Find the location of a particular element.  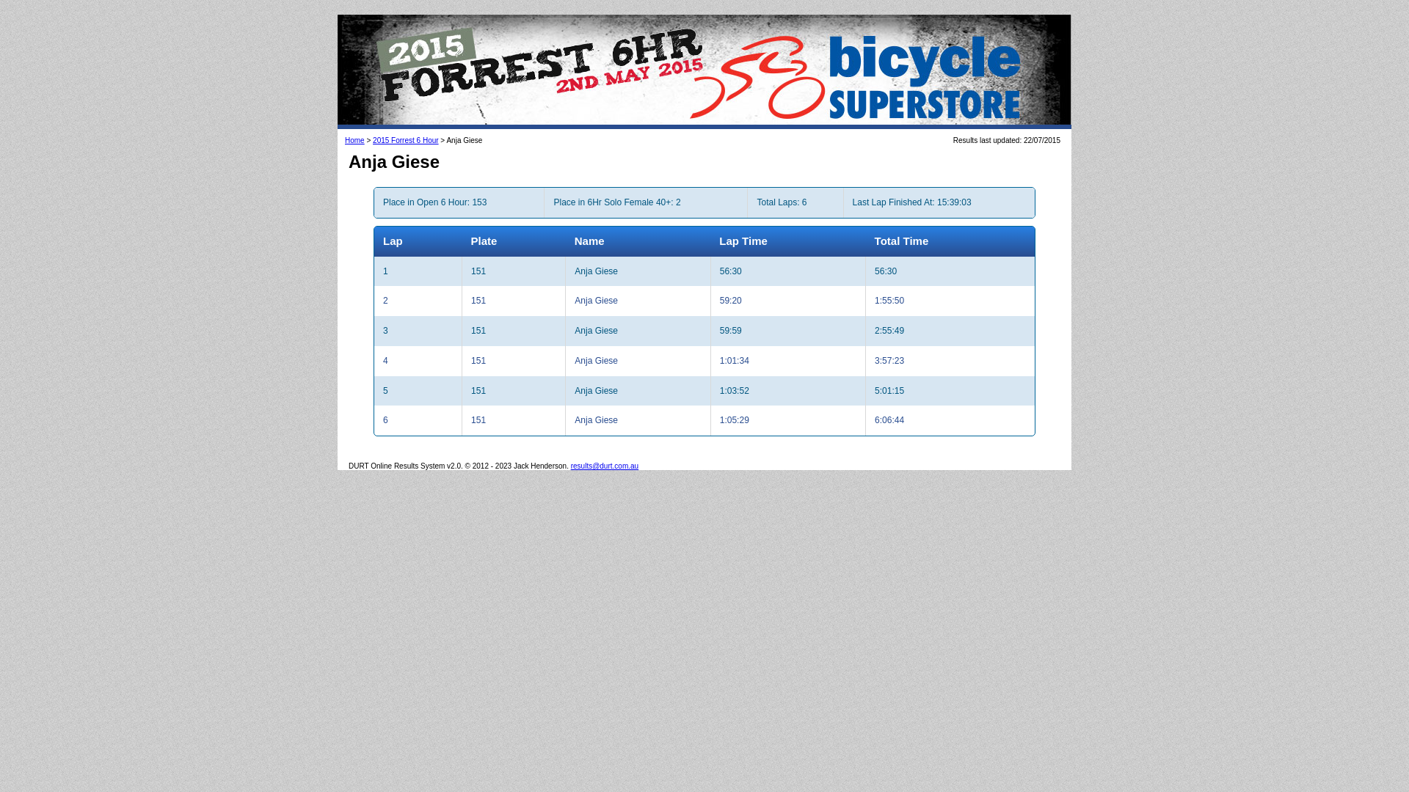

'results@durt.com.au' is located at coordinates (605, 466).